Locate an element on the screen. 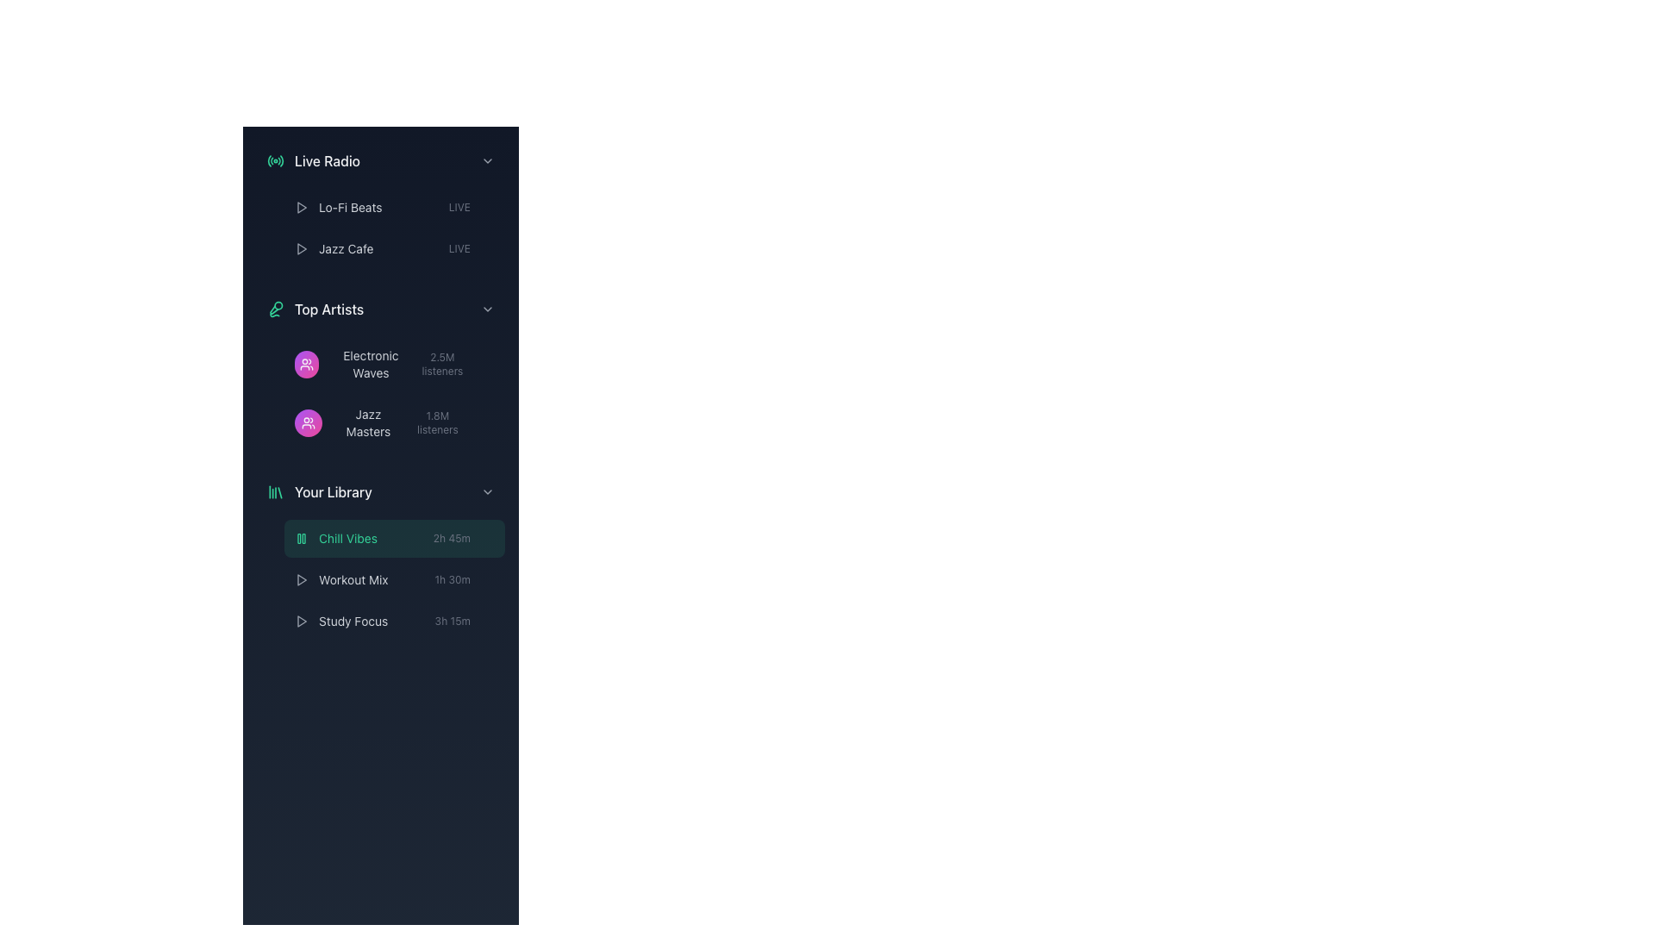  the List item labeled 'Workout Mix', which features a play triangle icon and gray text is located at coordinates (341, 579).